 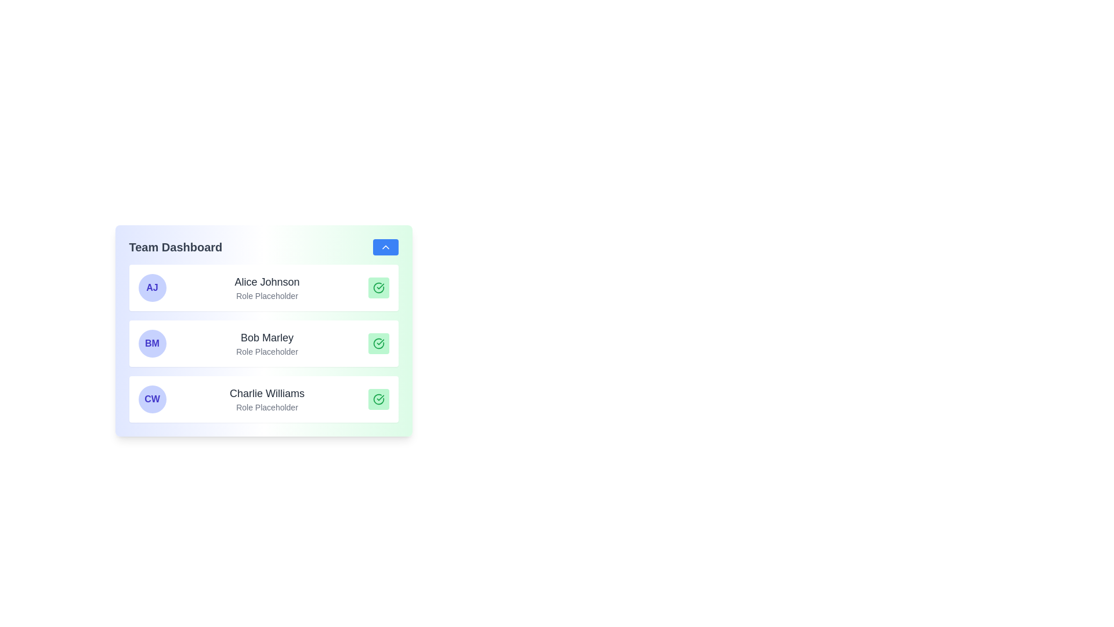 What do you see at coordinates (266, 407) in the screenshot?
I see `the static text label 'Role Placeholder' located beneath 'Charlie Williams' in the Team Dashboard section` at bounding box center [266, 407].